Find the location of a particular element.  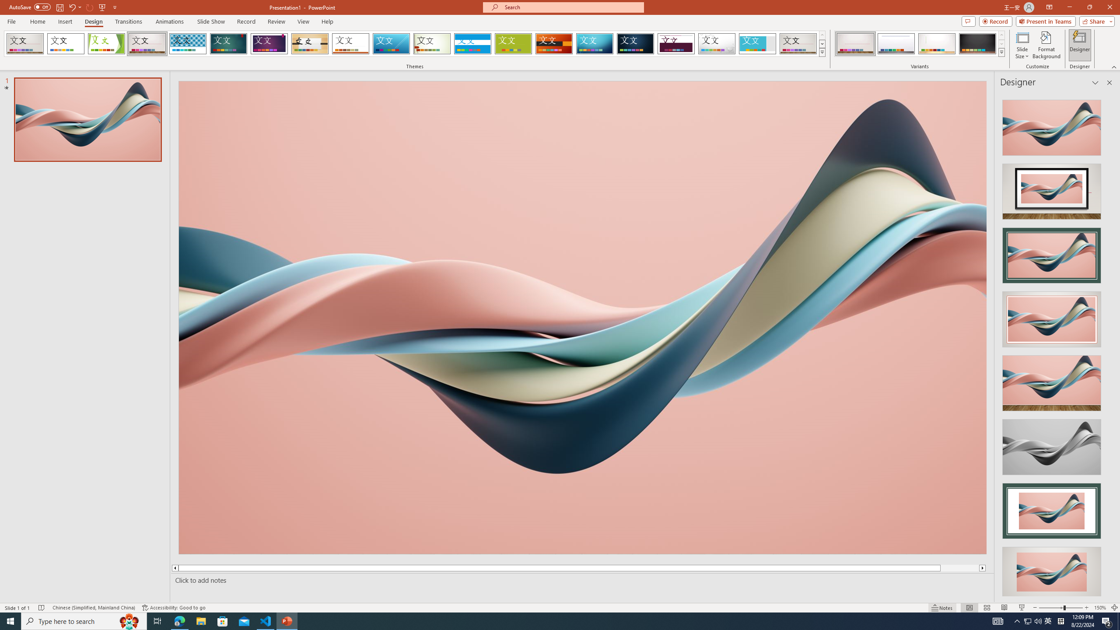

'Facet' is located at coordinates (106, 43).